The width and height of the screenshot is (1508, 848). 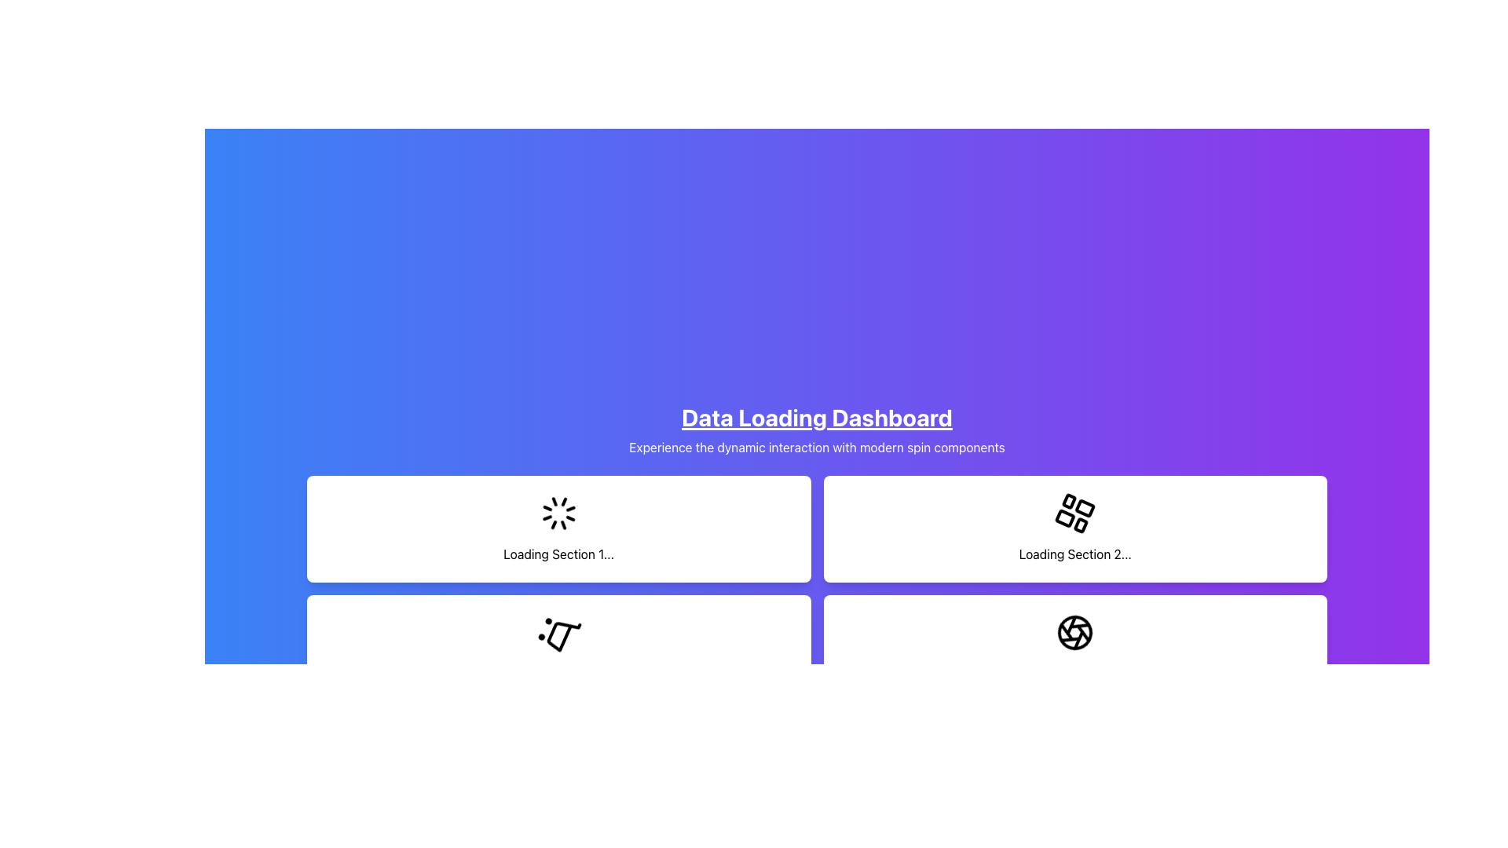 What do you see at coordinates (1074, 648) in the screenshot?
I see `the loading animation of the Loading indicator card indicating that 'Section 4' content is currently loading, located at the bottom right position of the grid of cards` at bounding box center [1074, 648].